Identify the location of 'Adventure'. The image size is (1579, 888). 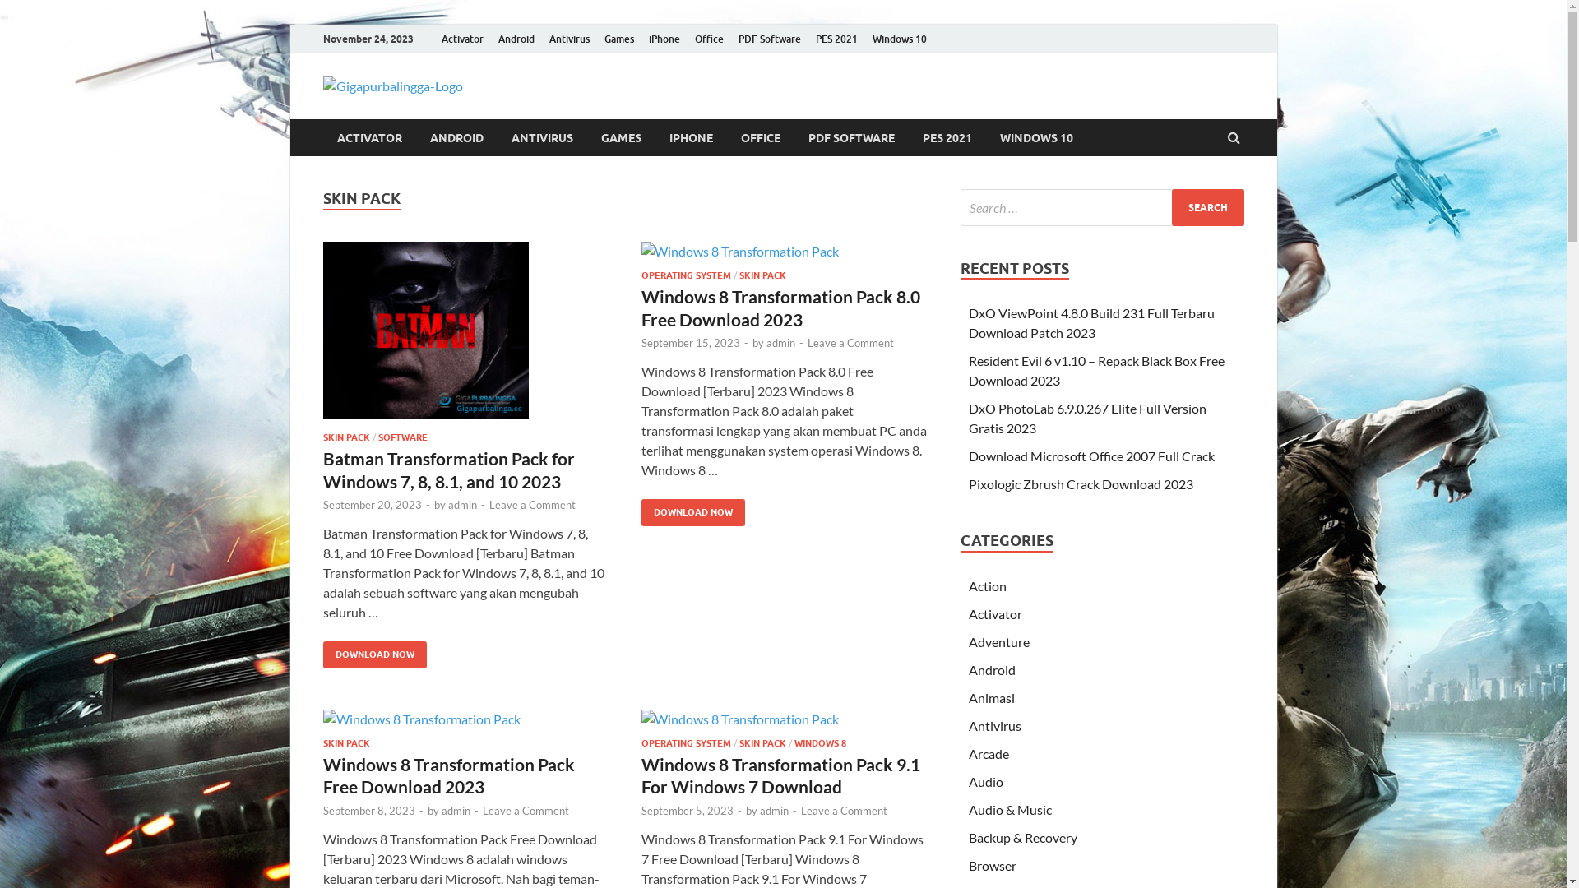
(998, 641).